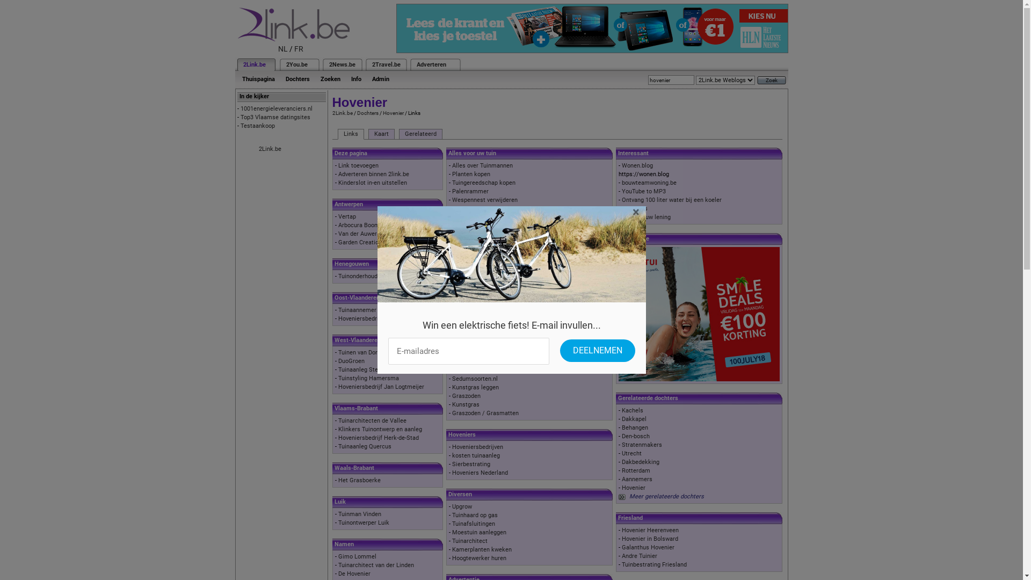 The height and width of the screenshot is (580, 1031). I want to click on 'Bouwgids', so click(634, 208).